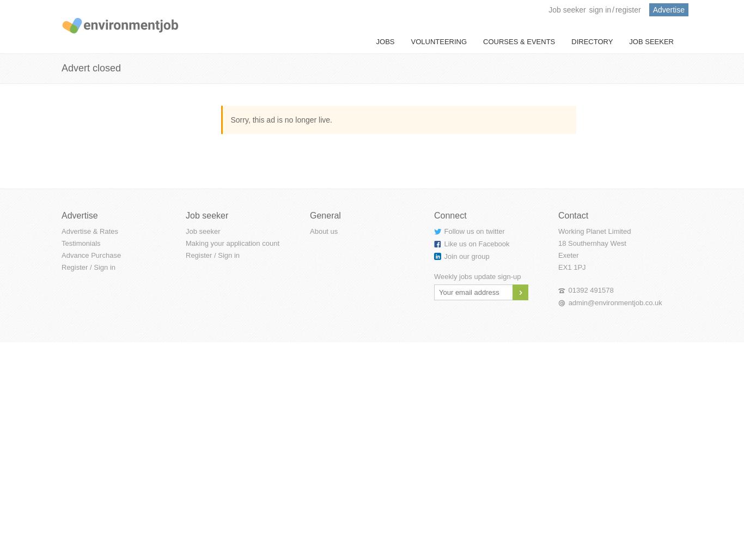  I want to click on 'Volunteering', so click(438, 41).